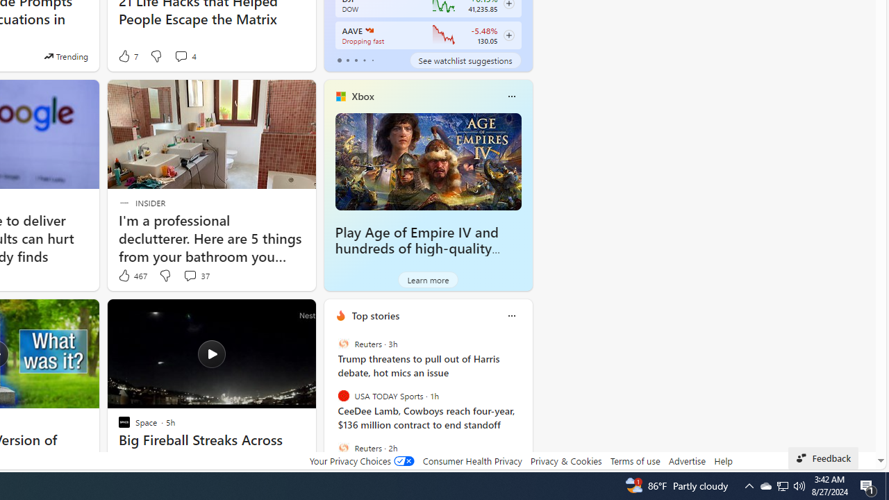 The width and height of the screenshot is (889, 500). I want to click on 'previous', so click(330, 405).